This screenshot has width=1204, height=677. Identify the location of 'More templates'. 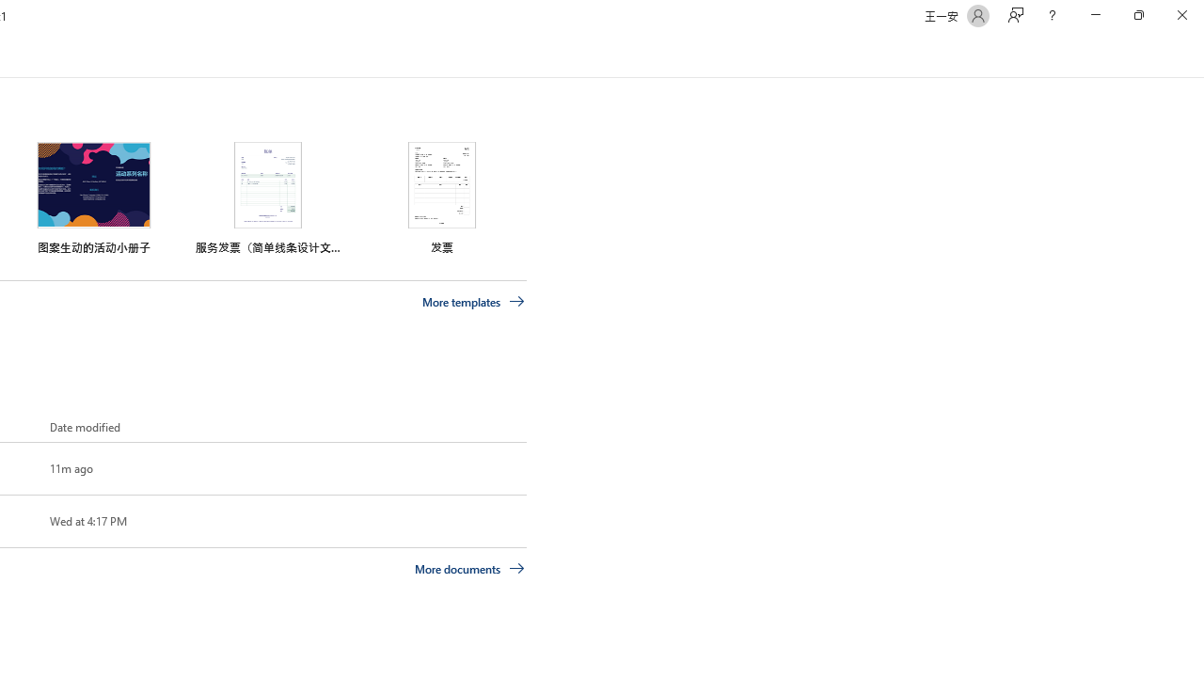
(473, 301).